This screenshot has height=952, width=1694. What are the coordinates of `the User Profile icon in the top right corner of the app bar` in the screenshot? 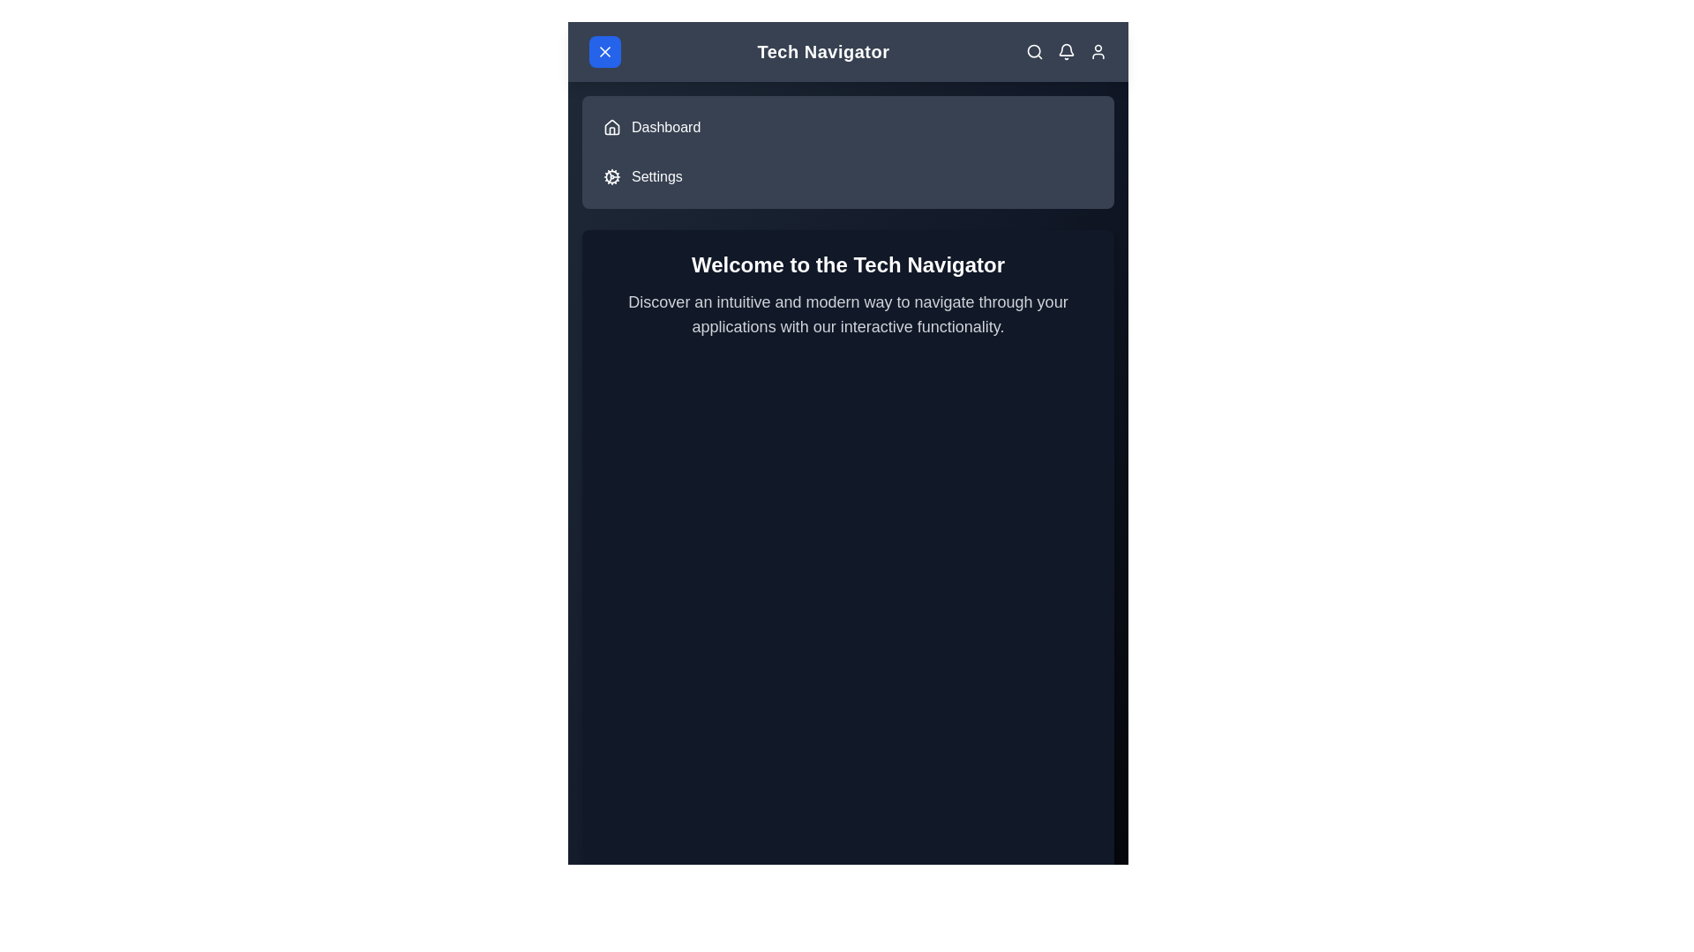 It's located at (1097, 50).